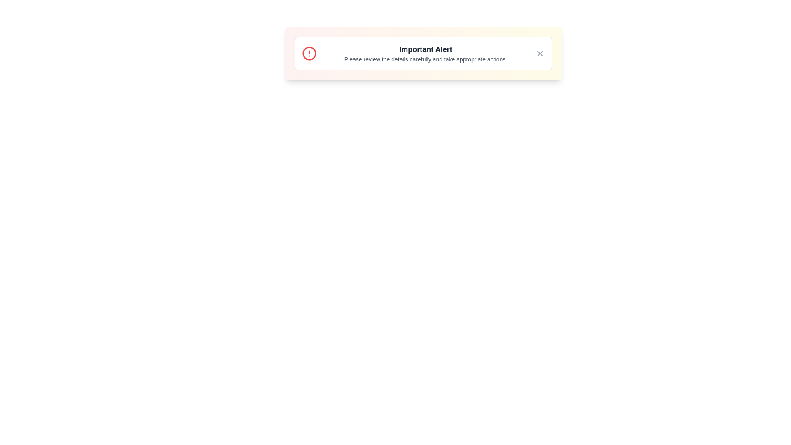 The height and width of the screenshot is (445, 791). I want to click on the Text Label at the top of the notification box, which serves as a title or header with bold text styling, so click(426, 49).